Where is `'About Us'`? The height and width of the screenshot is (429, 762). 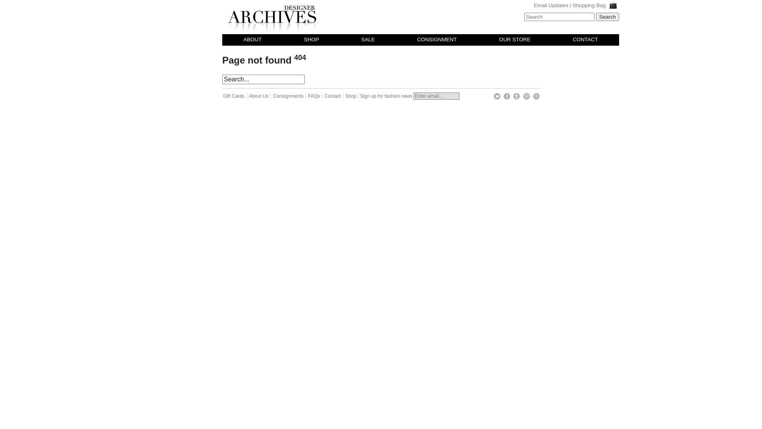
'About Us' is located at coordinates (259, 96).